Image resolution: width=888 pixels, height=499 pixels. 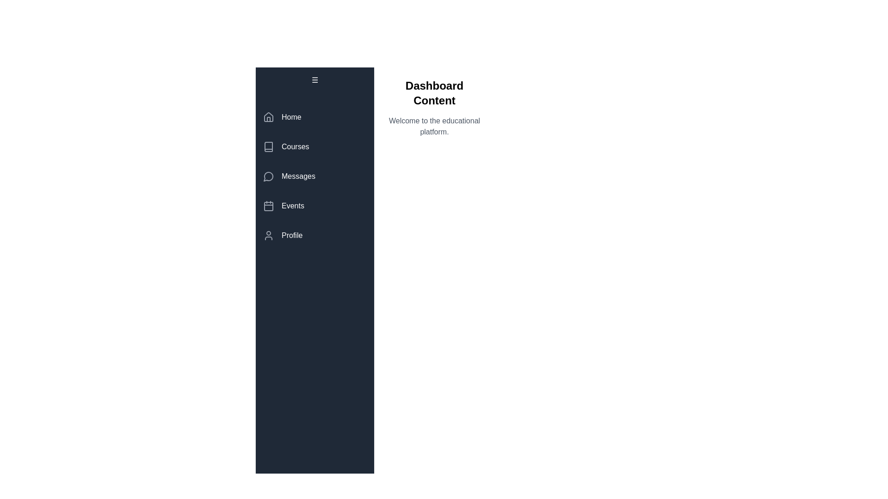 What do you see at coordinates (315, 146) in the screenshot?
I see `the menu item labeled Courses to observe visual feedback` at bounding box center [315, 146].